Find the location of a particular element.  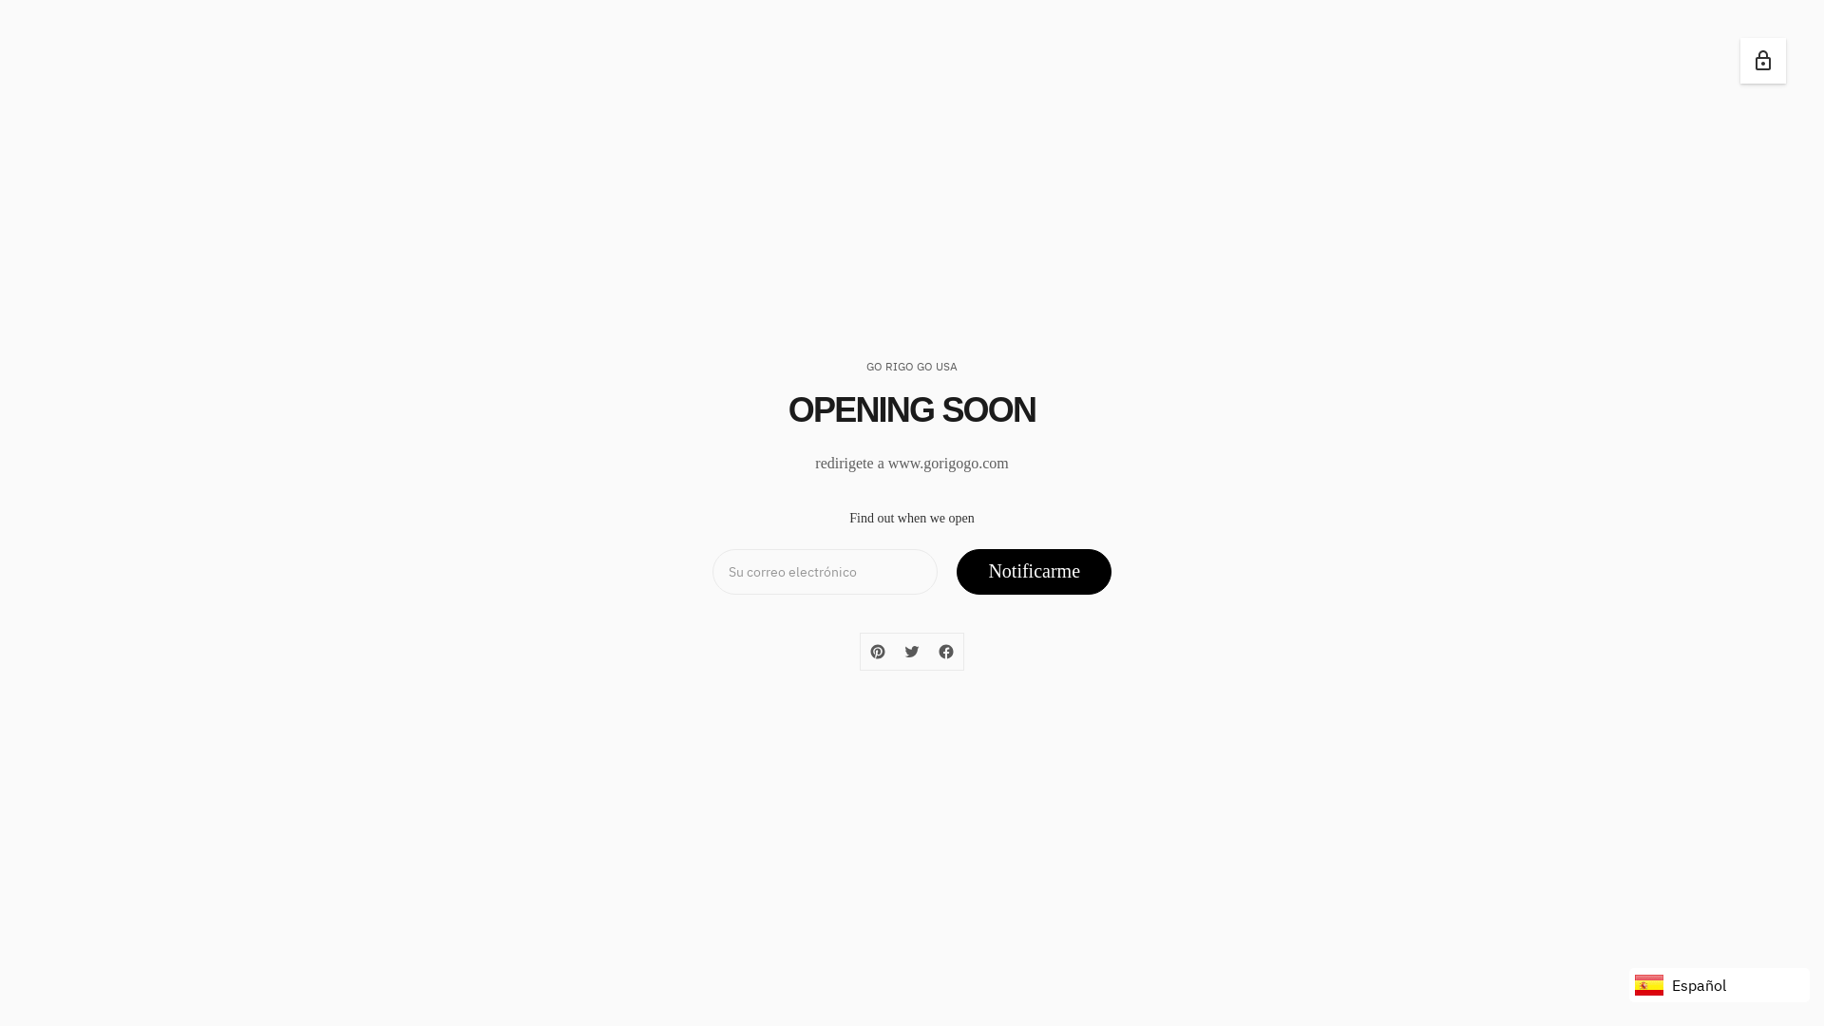

'Notificarme' is located at coordinates (1033, 570).